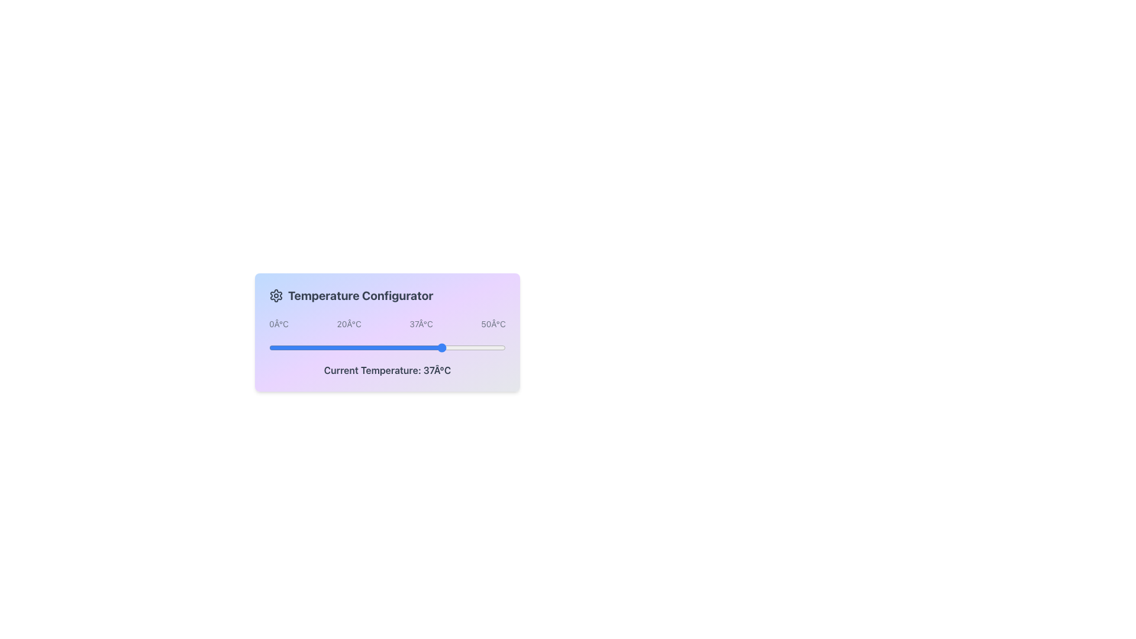  What do you see at coordinates (278, 324) in the screenshot?
I see `the static text label indicating the temperature value '0°C', which is the first label in a group of temperature range labels above the slider in the configurator interface` at bounding box center [278, 324].